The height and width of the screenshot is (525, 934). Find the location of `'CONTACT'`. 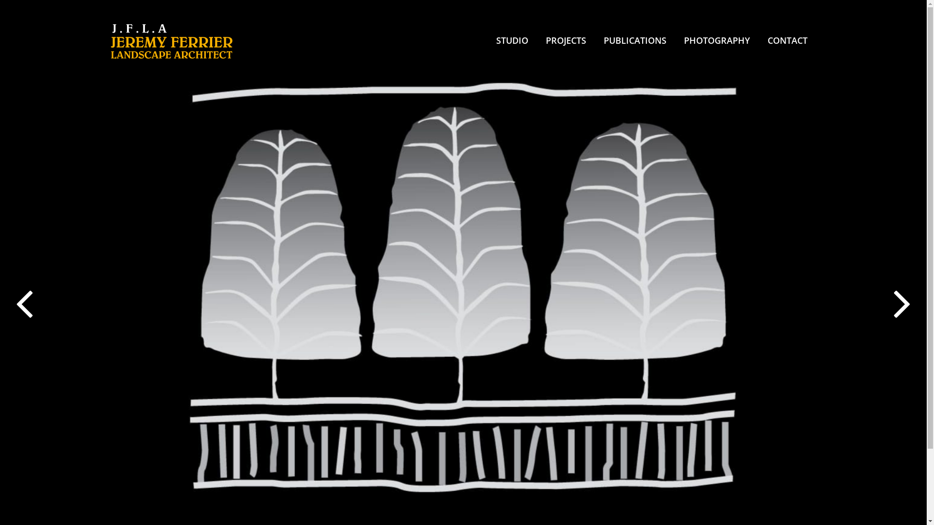

'CONTACT' is located at coordinates (787, 40).